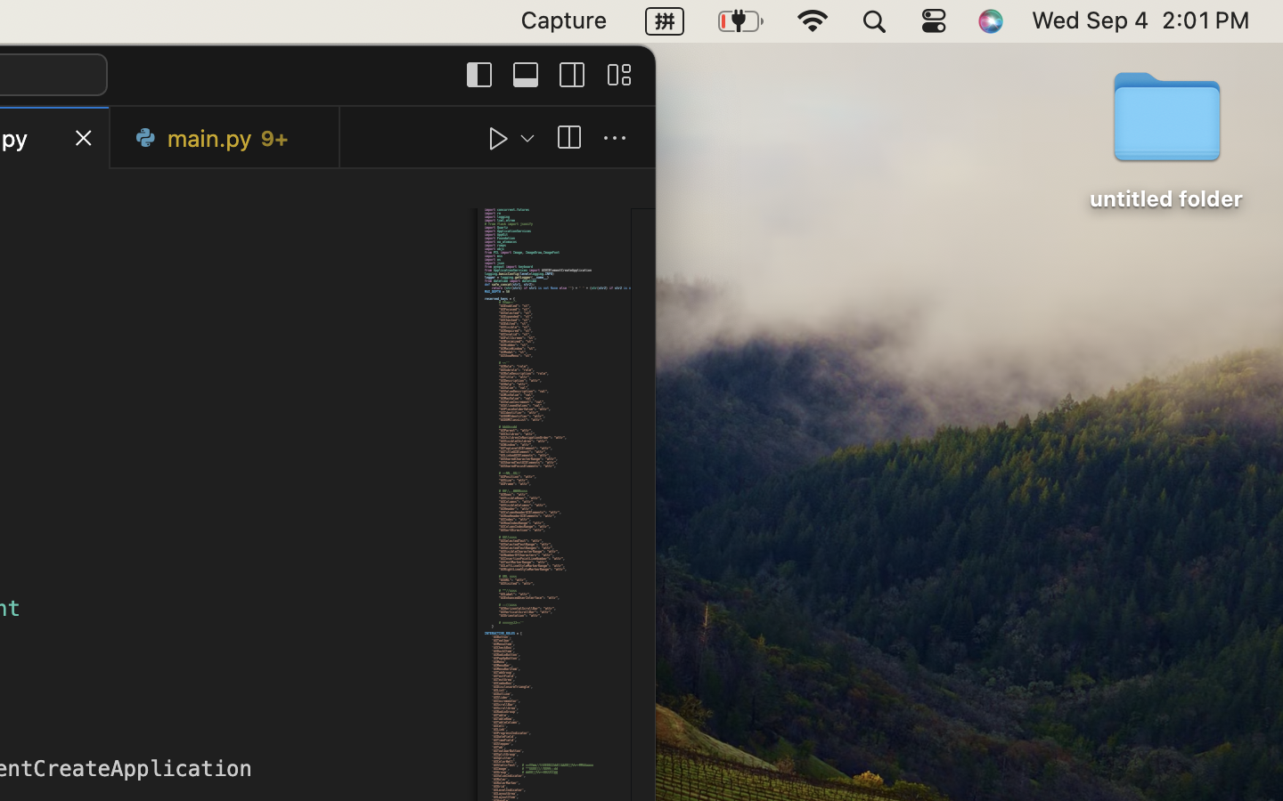 The height and width of the screenshot is (801, 1283). Describe the element at coordinates (570, 73) in the screenshot. I see `''` at that location.